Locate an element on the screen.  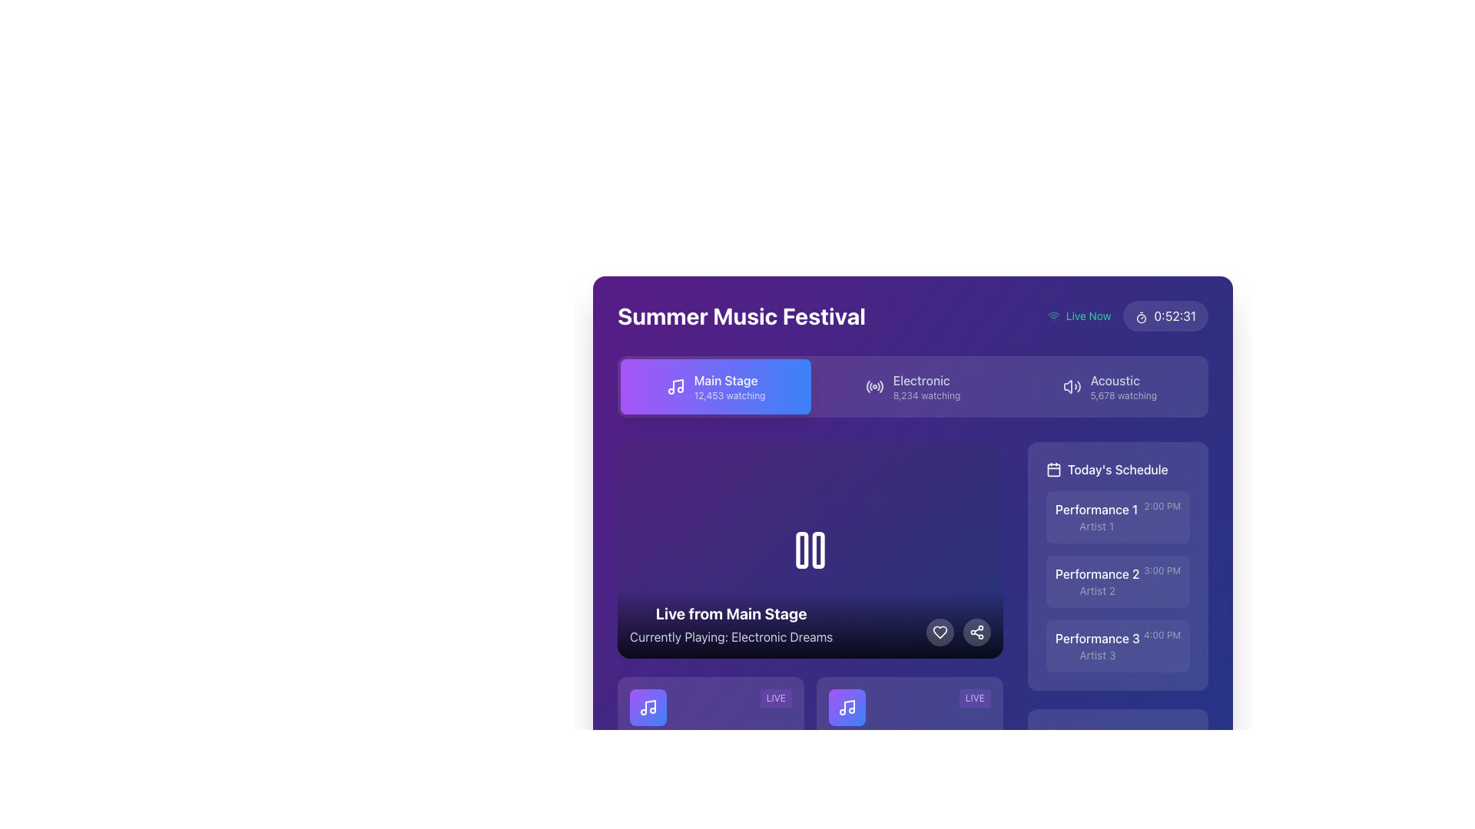
the text display element showing 'Acoustic' with '5,678 watching' on a purple background, which is the last item in the row of sections near the top of the application interface is located at coordinates (1123, 386).